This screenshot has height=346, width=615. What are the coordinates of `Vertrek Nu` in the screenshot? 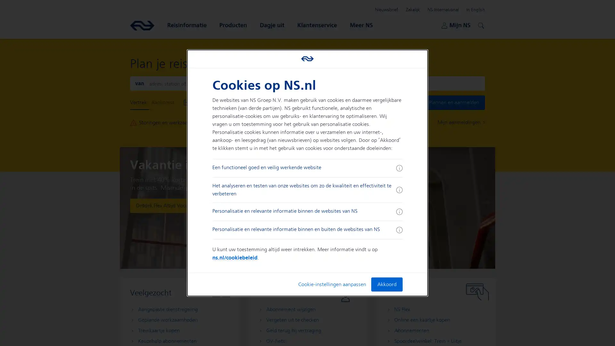 It's located at (266, 102).